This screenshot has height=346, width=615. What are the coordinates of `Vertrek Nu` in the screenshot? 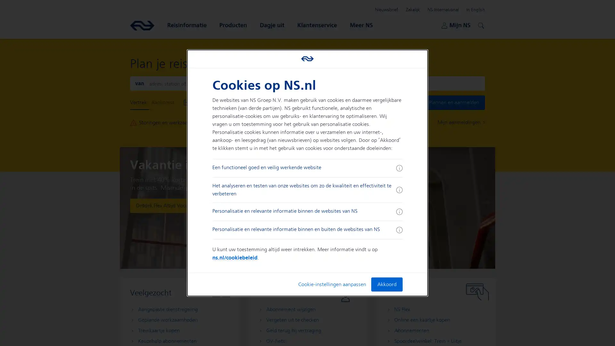 It's located at (266, 102).